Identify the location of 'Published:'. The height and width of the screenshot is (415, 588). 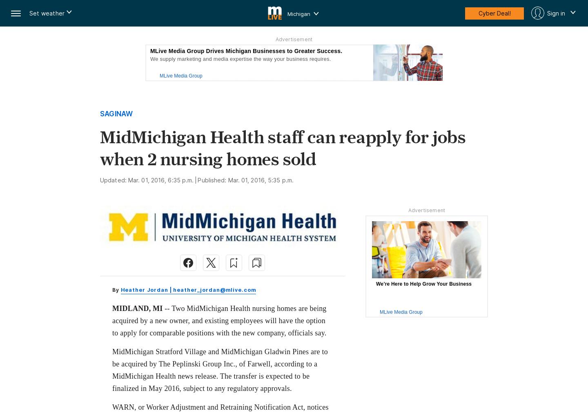
(212, 180).